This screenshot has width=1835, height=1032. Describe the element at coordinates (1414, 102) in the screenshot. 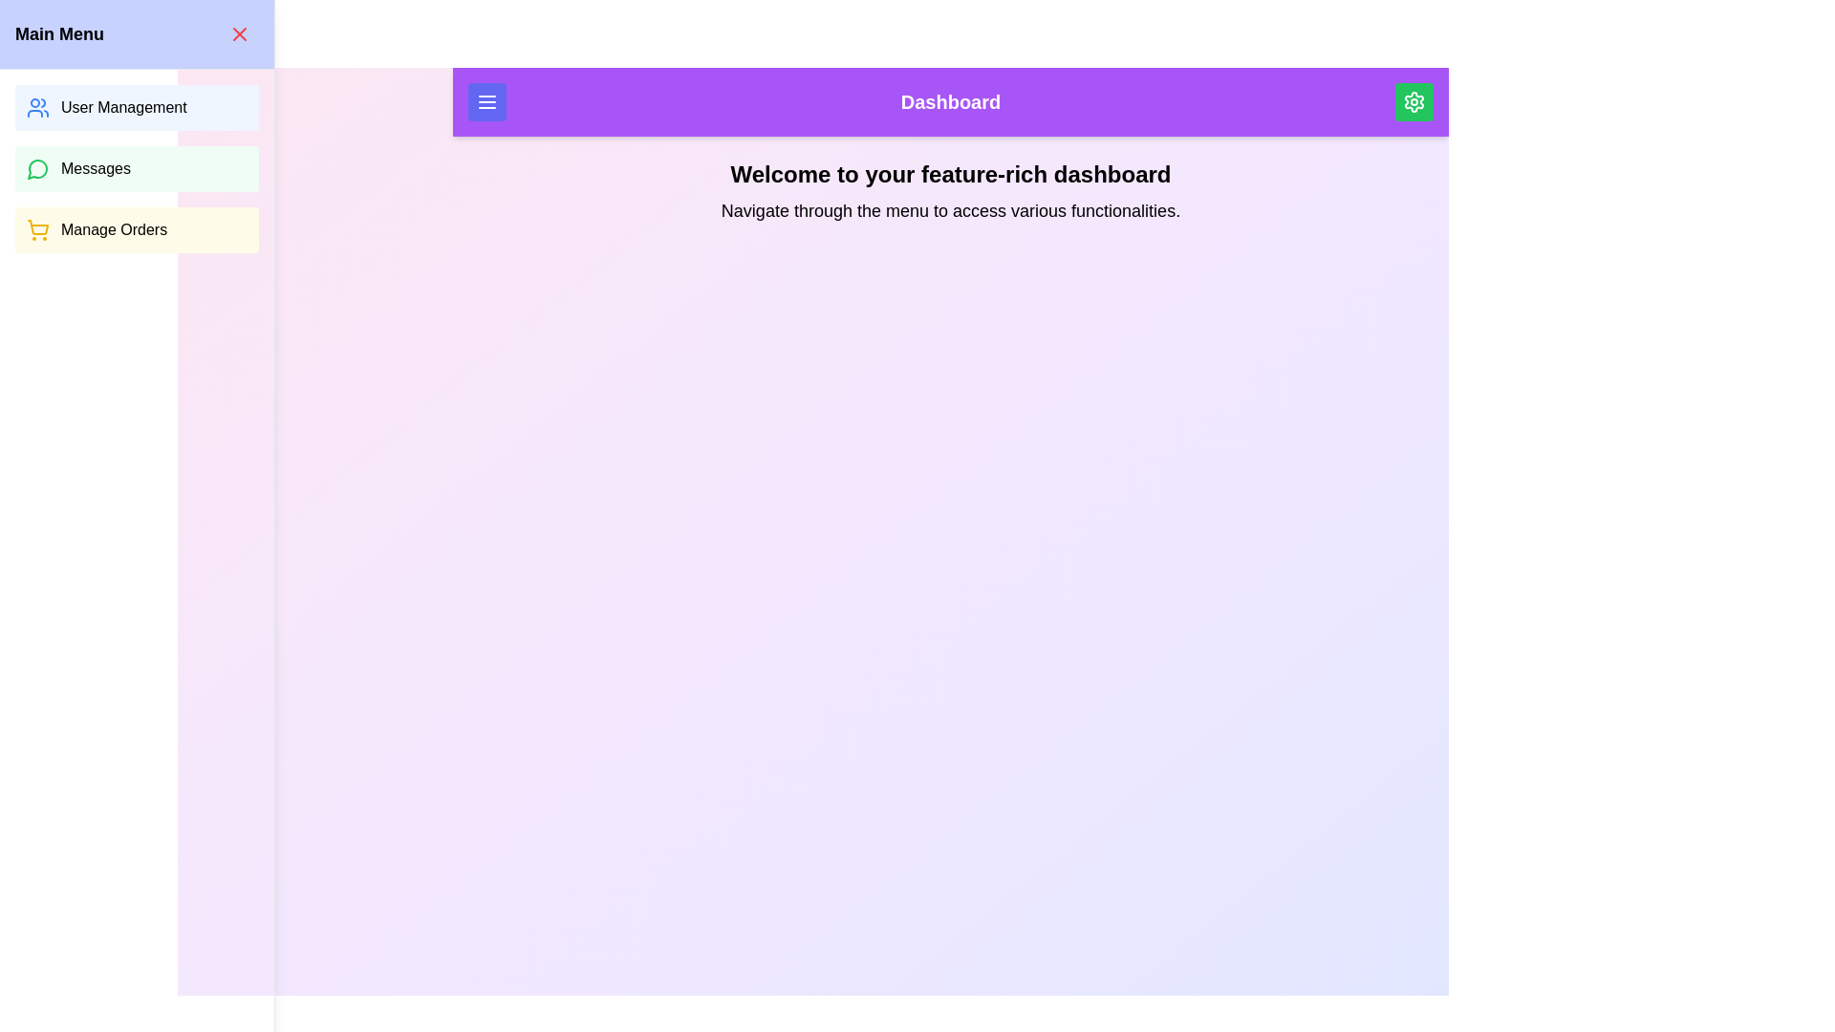

I see `the gear-like icon in the top-right corner of the interface` at that location.